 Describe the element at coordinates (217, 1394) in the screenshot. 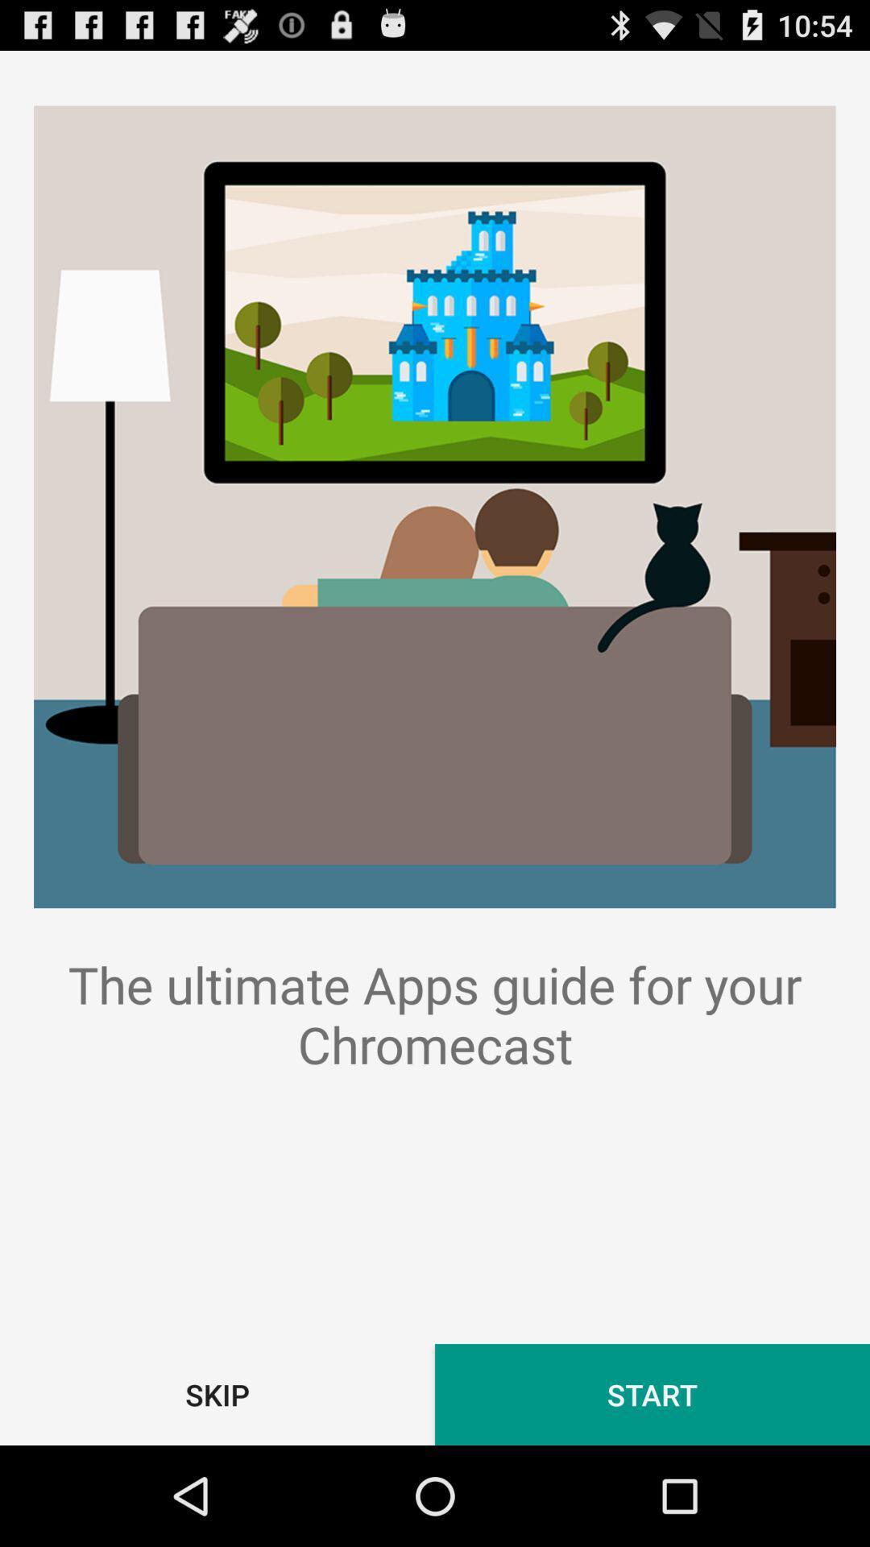

I see `the skip button` at that location.